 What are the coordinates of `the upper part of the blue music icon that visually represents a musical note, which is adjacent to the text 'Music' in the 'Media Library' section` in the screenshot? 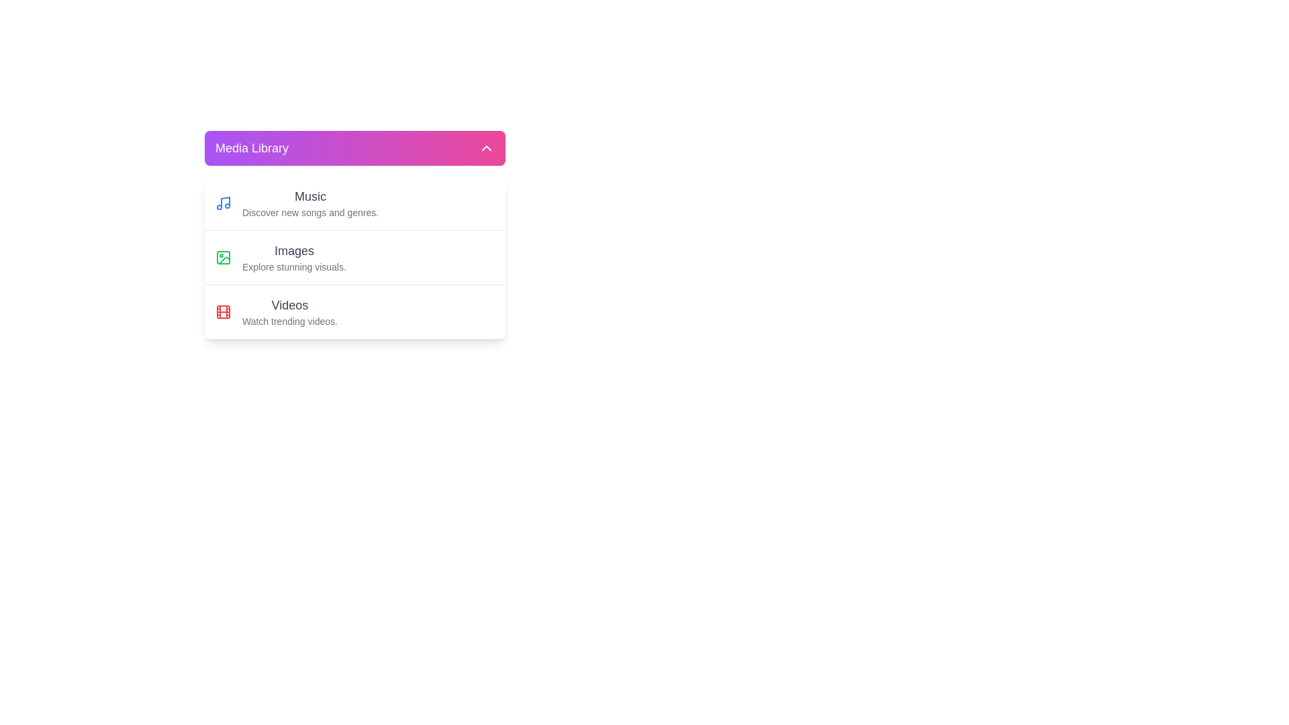 It's located at (226, 201).